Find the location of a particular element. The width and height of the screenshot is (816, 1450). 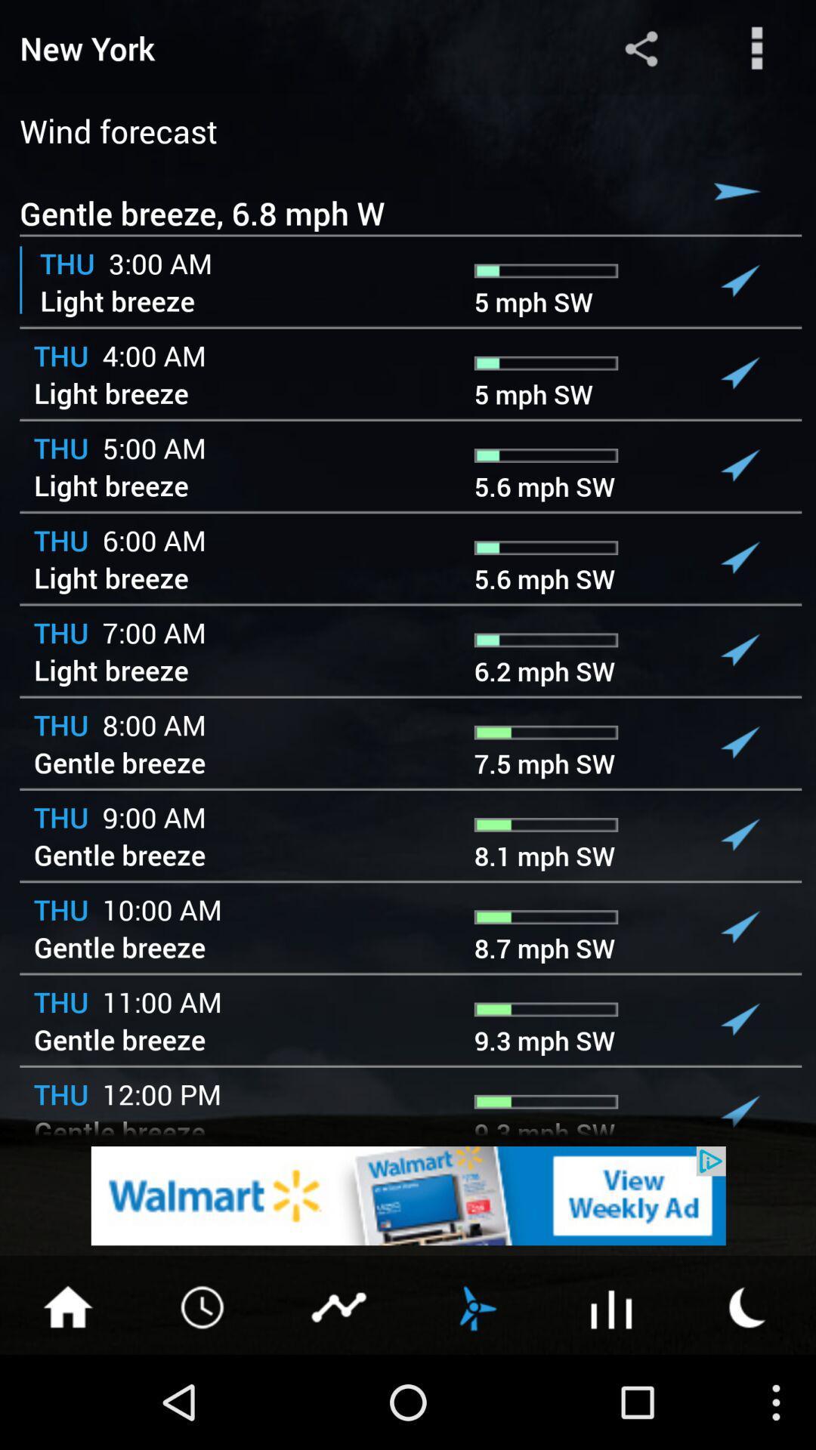

share is located at coordinates (641, 48).